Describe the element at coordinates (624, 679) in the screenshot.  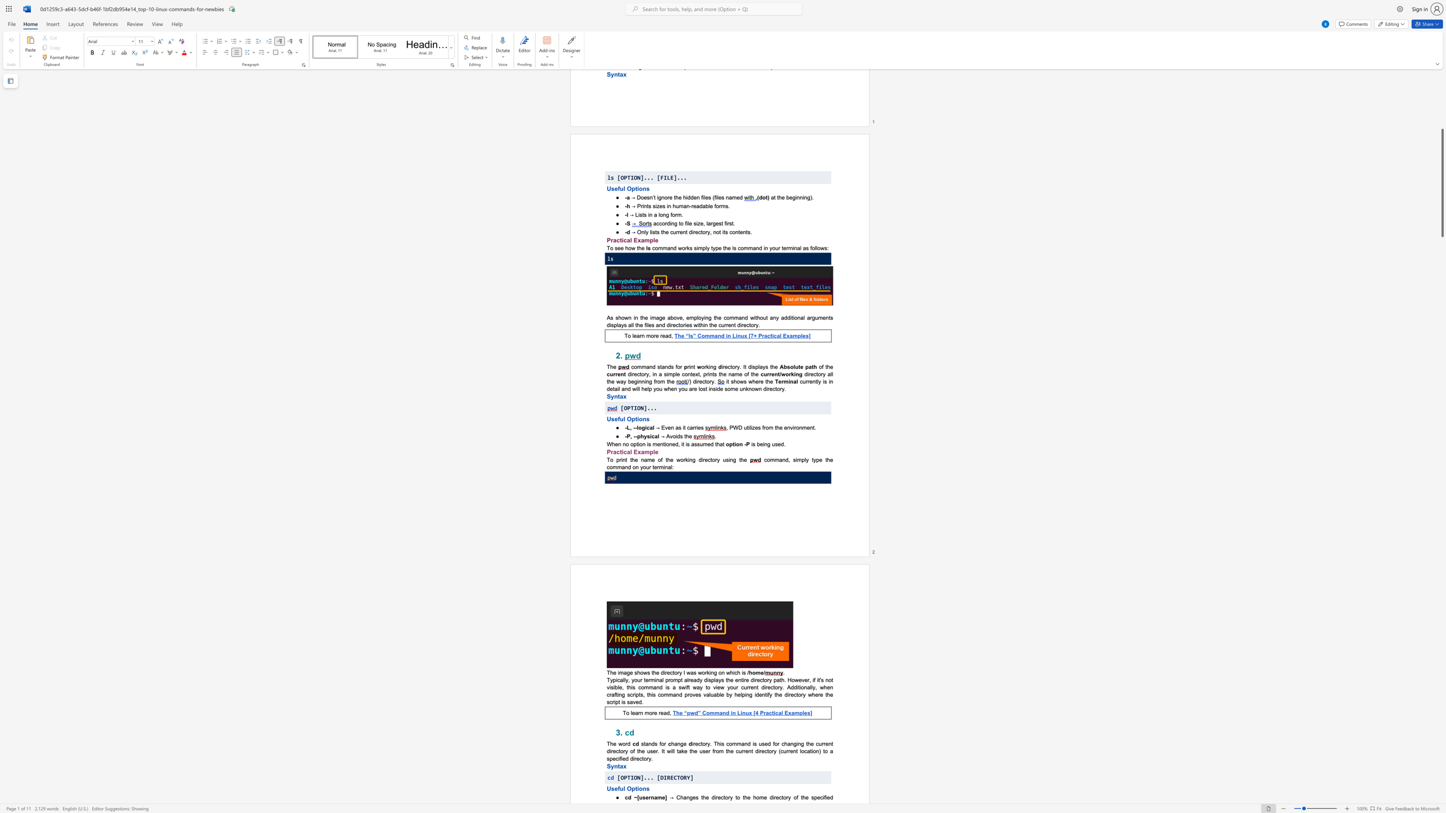
I see `the subset text "ly, you" within the text "Typically, your terminal prompt already displays the entire directory path. However, if"` at that location.